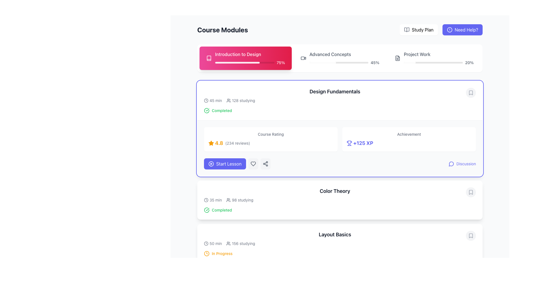  Describe the element at coordinates (410, 62) in the screenshot. I see `the visual progress indication by focusing on the leftmost segment of the progress bar located at the top of the page` at that location.